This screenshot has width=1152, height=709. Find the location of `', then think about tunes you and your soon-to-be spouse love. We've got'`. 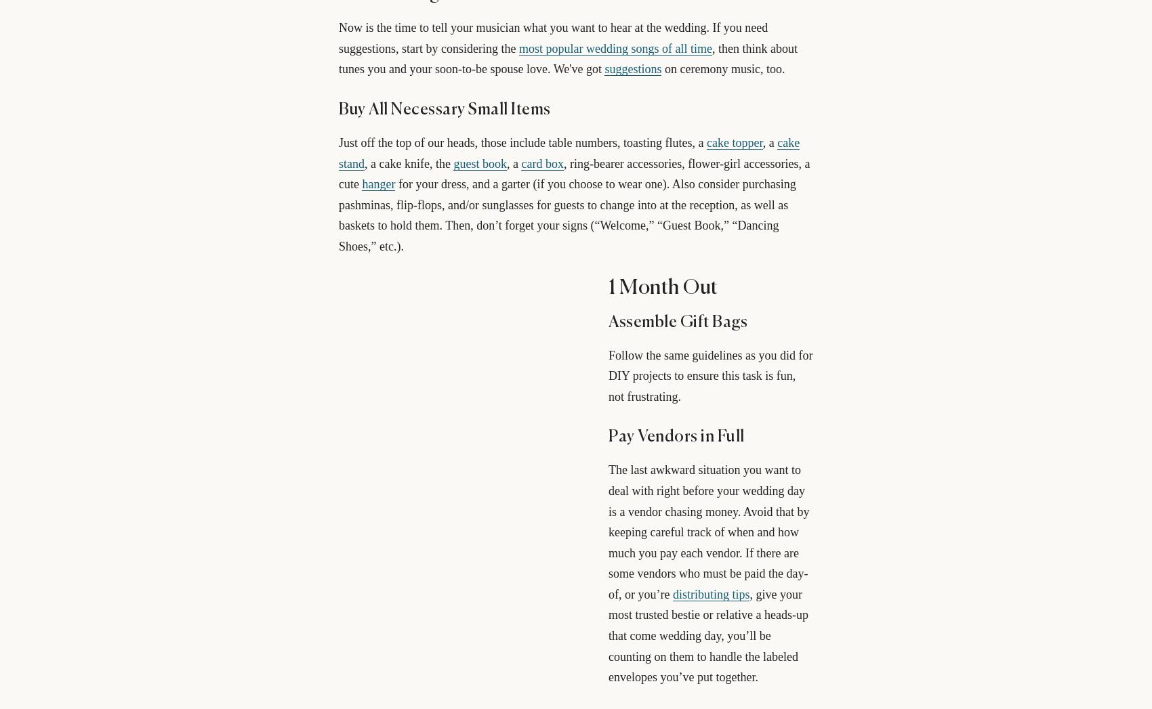

', then think about tunes you and your soon-to-be spouse love. We've got' is located at coordinates (567, 58).